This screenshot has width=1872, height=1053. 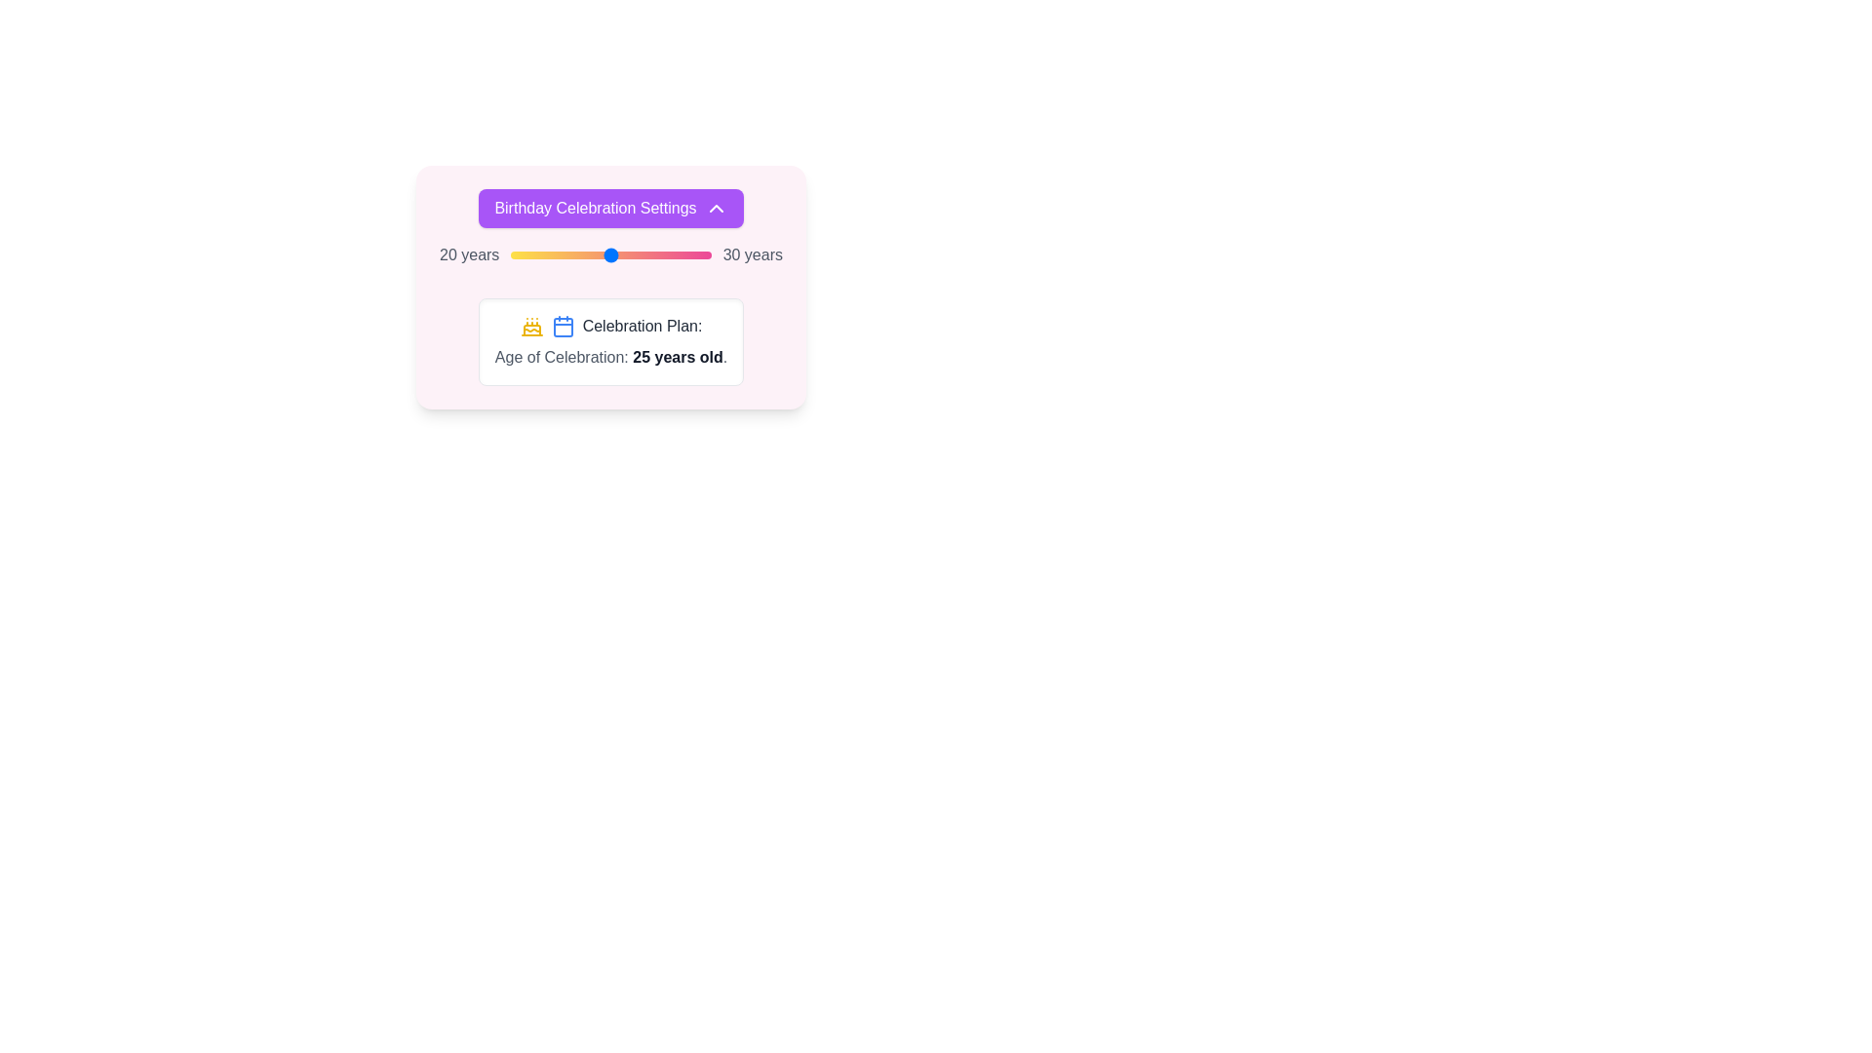 I want to click on the calendar icon within the celebration plan box, so click(x=562, y=326).